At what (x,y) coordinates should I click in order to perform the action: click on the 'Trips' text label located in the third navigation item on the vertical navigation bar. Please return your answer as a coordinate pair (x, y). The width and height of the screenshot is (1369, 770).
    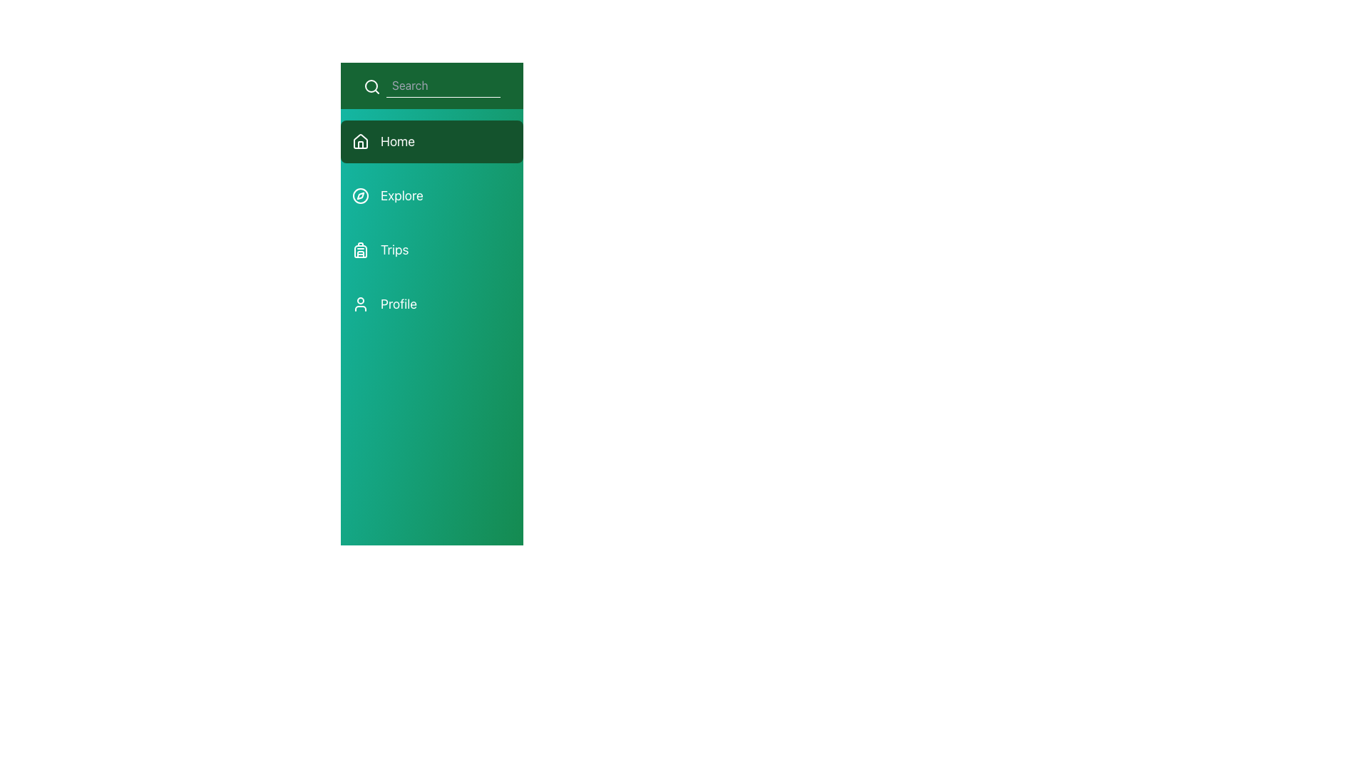
    Looking at the image, I should click on (394, 250).